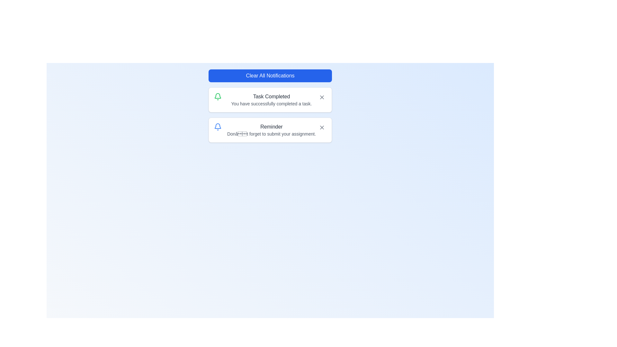 The width and height of the screenshot is (617, 347). Describe the element at coordinates (271, 127) in the screenshot. I see `header text of the notification card located at the top of the card beneath the 'Clear All Notifications' button` at that location.